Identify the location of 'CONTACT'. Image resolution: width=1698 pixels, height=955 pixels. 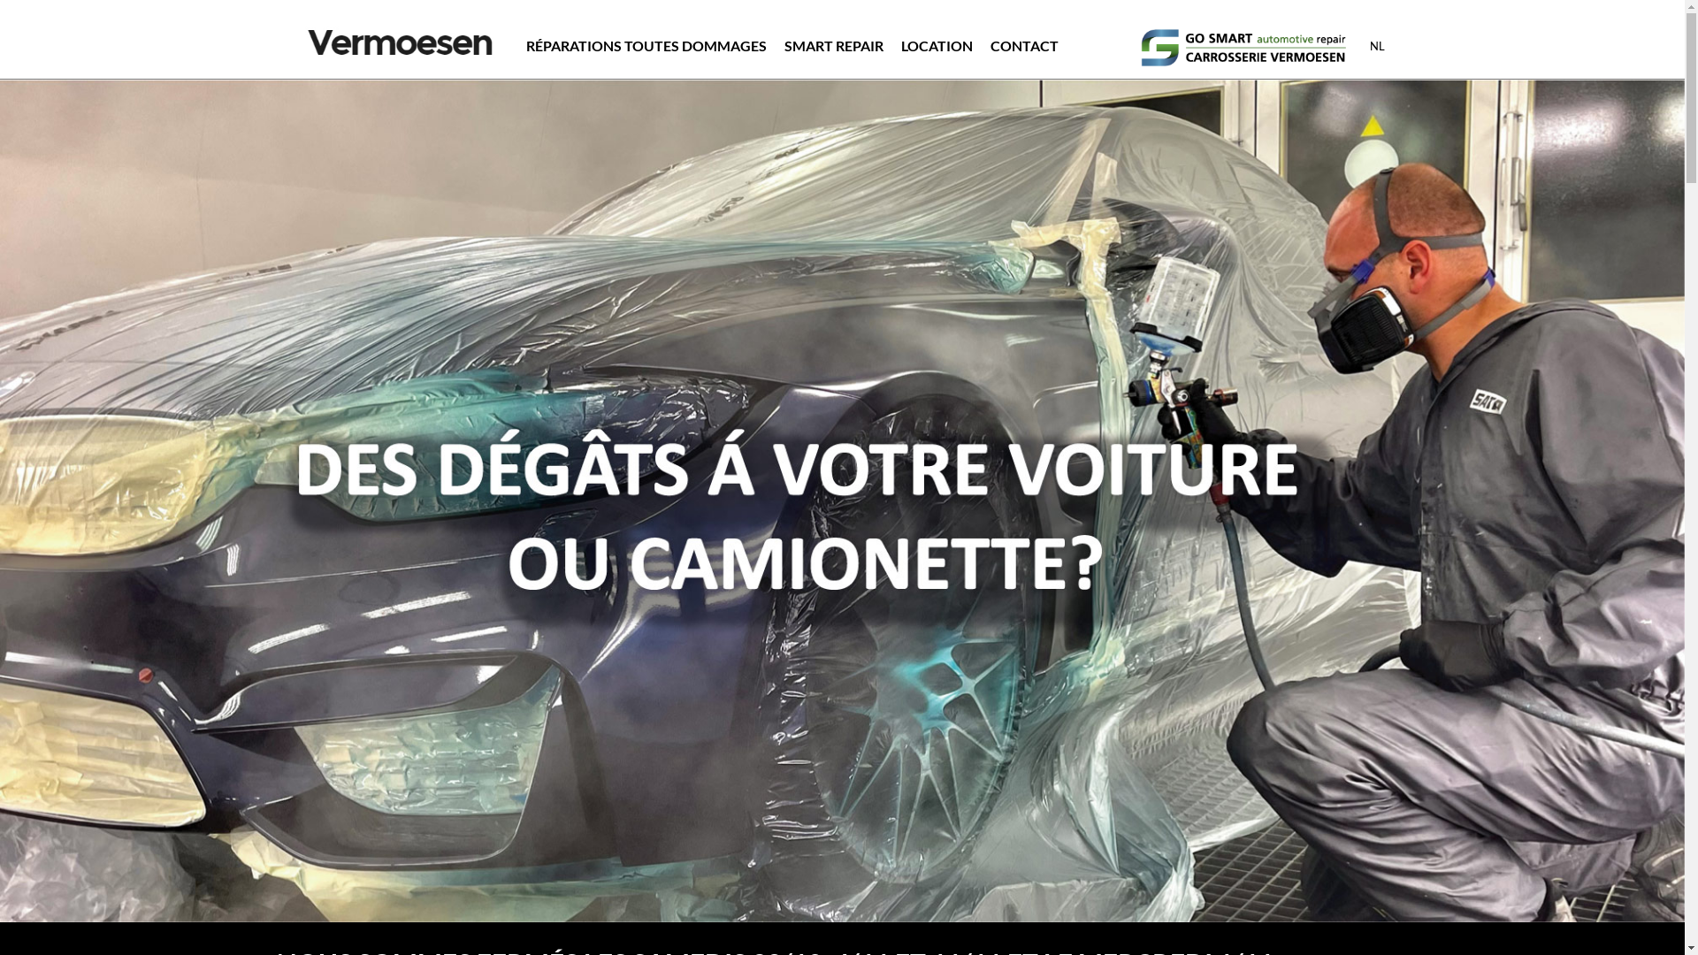
(989, 44).